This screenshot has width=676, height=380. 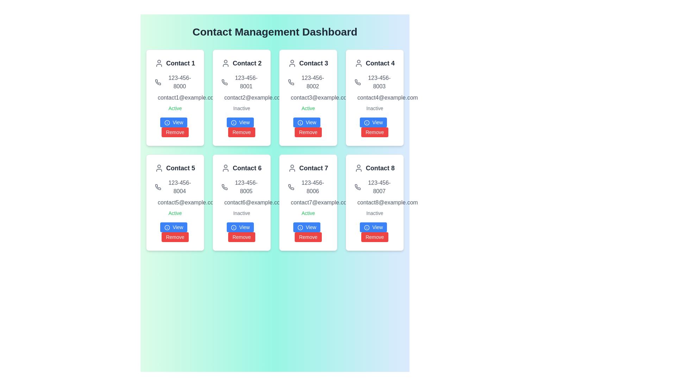 I want to click on the text label that serves as the header for the contact card, located in the bottom-right corner of the grid layout, so click(x=380, y=168).